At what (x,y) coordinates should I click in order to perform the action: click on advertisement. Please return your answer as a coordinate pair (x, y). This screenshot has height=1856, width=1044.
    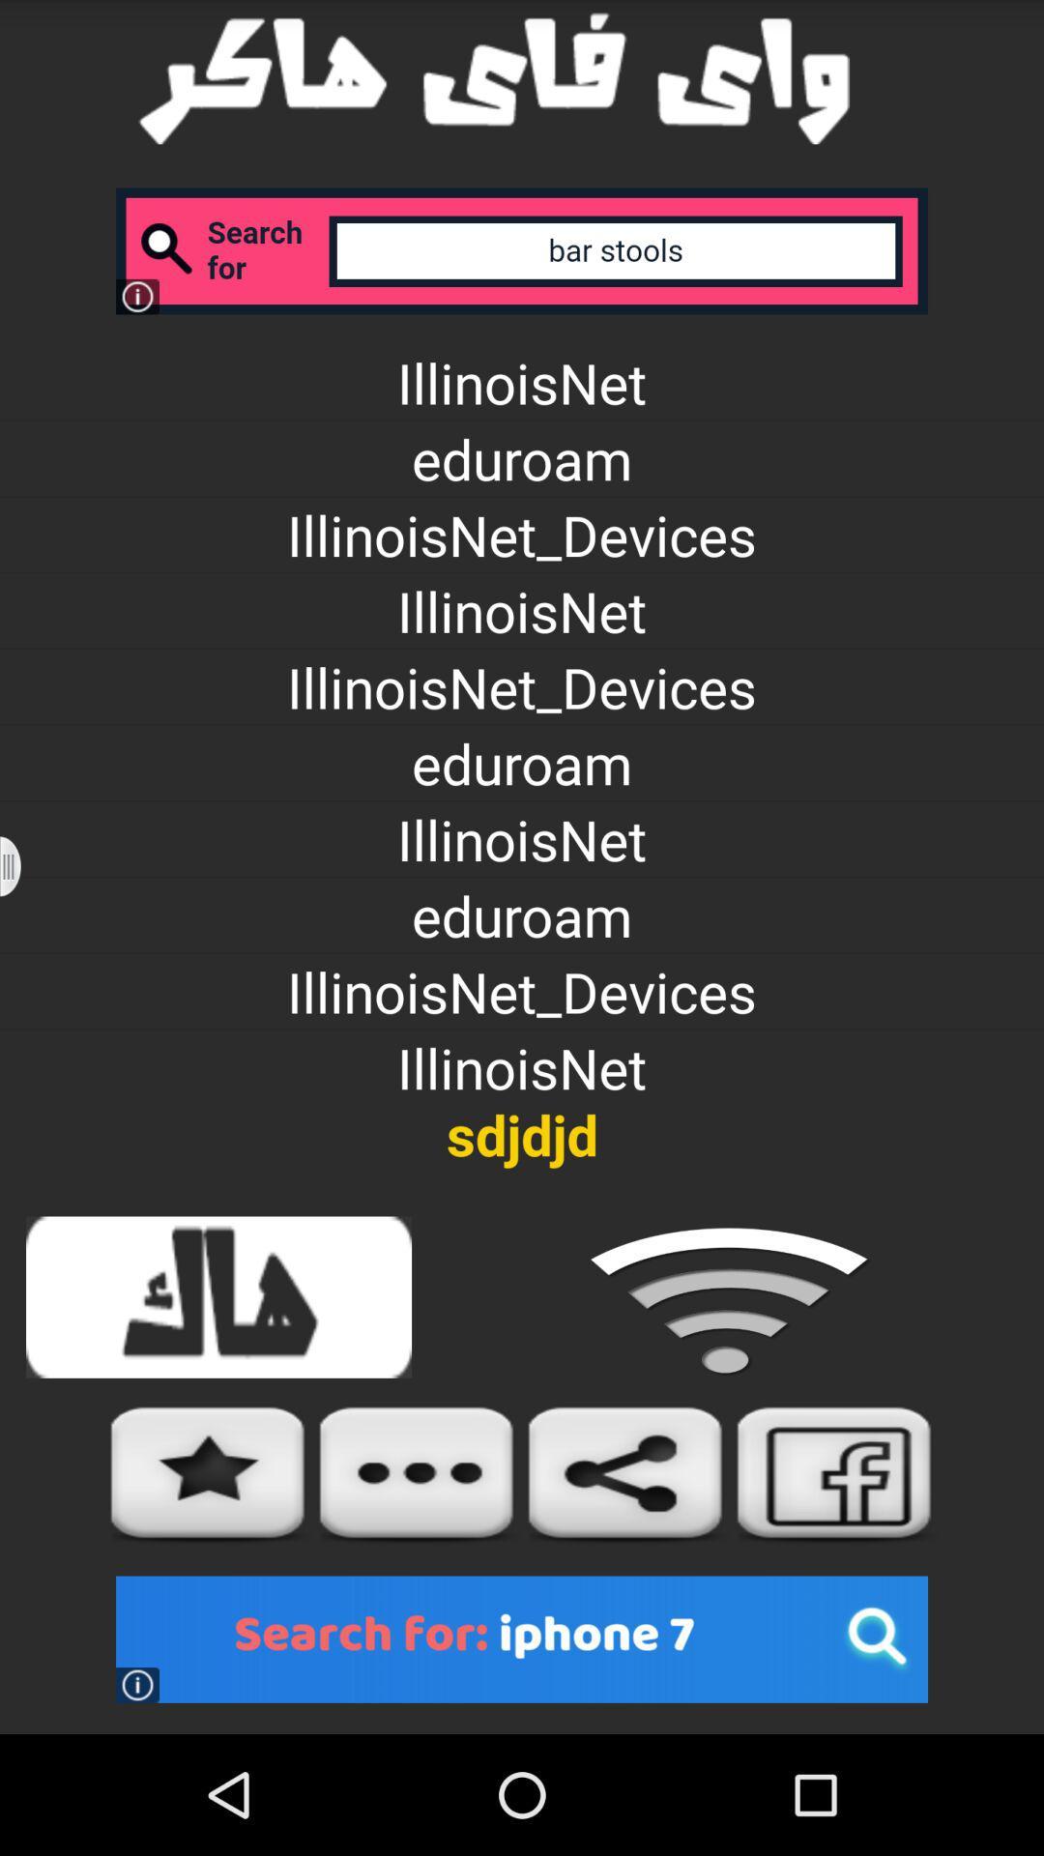
    Looking at the image, I should click on (522, 1638).